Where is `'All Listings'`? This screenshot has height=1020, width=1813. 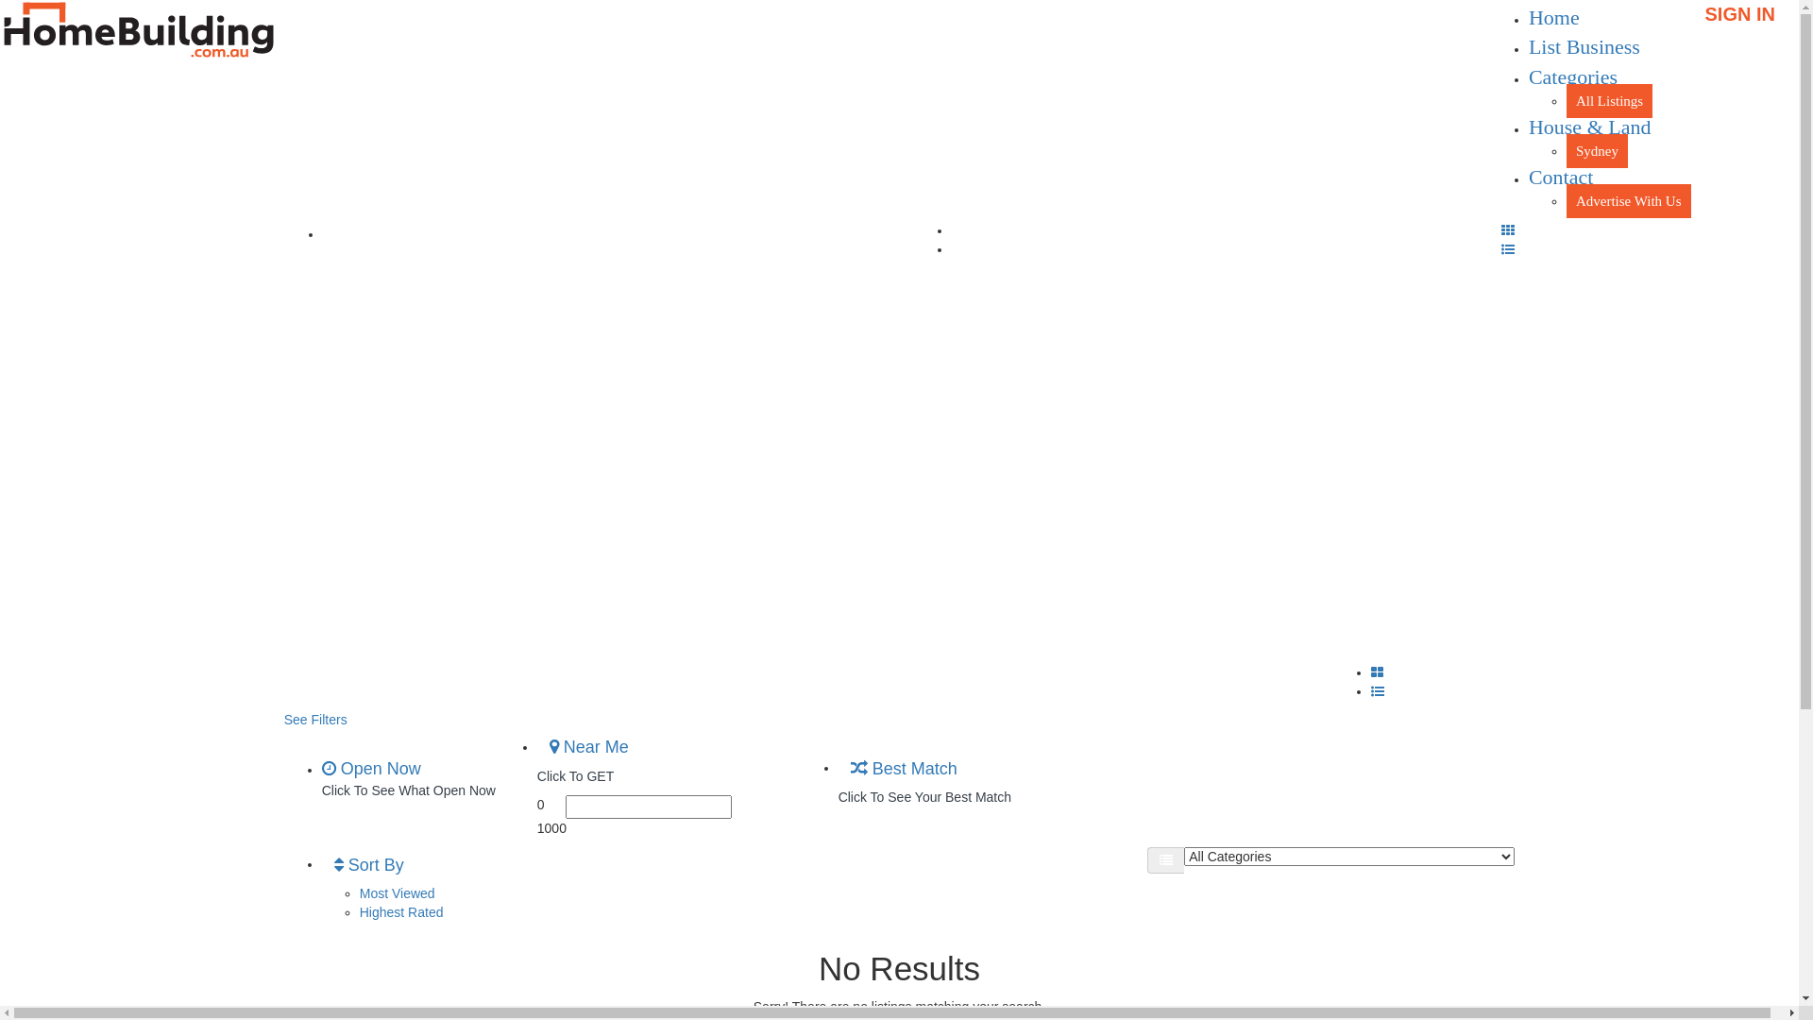
'All Listings' is located at coordinates (1608, 101).